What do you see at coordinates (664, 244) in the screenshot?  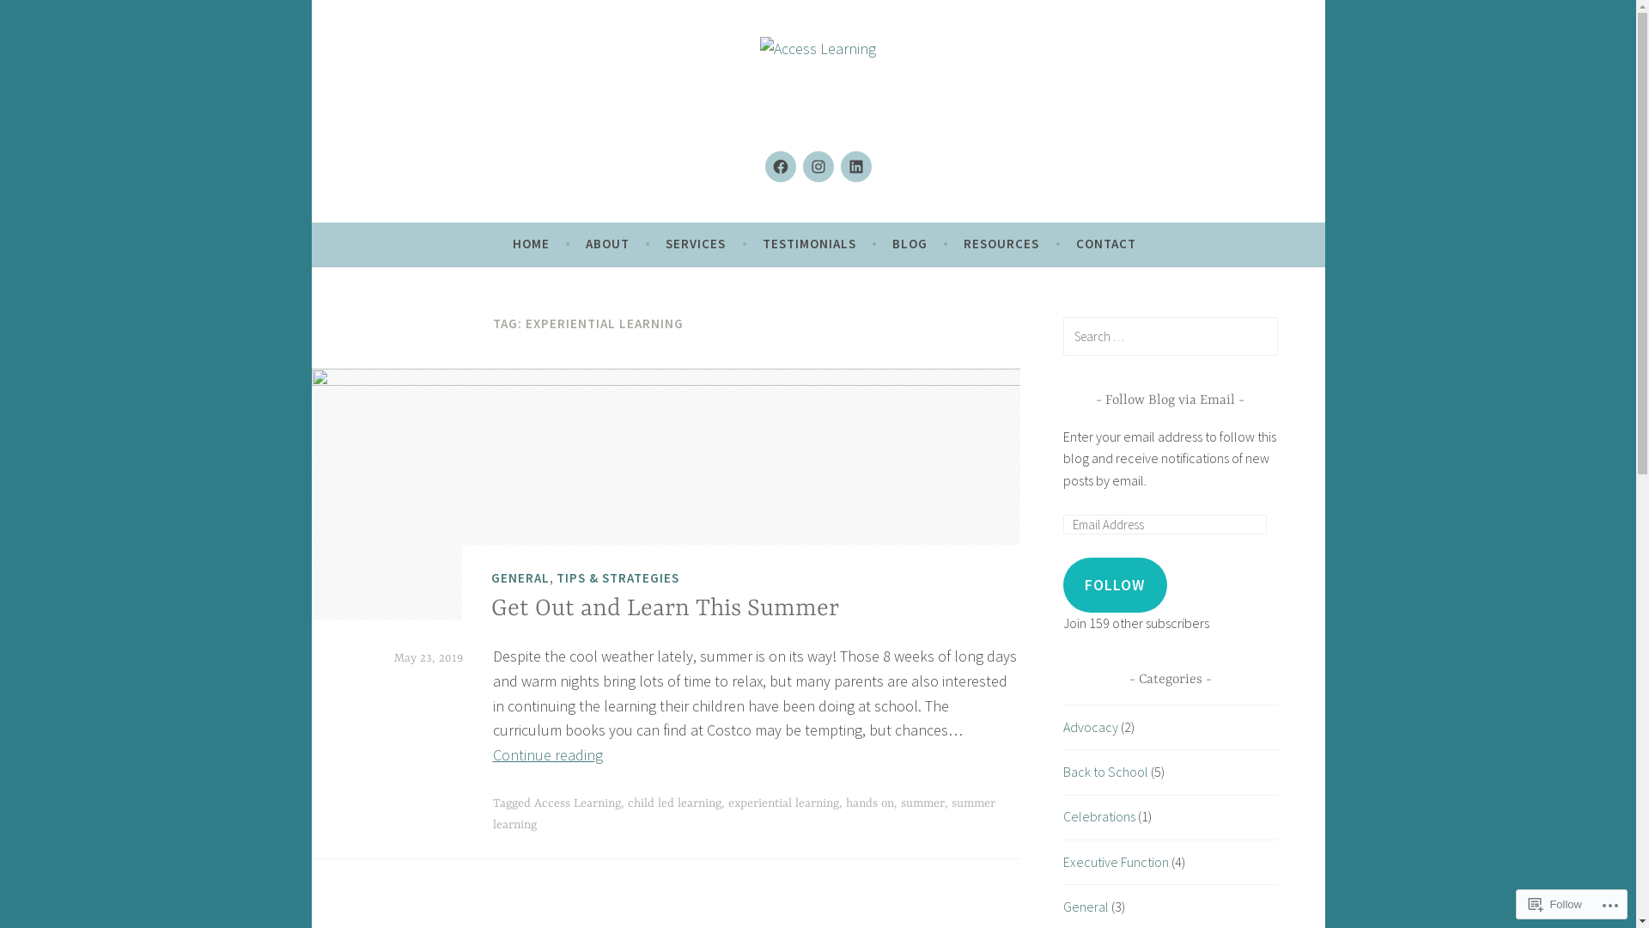 I see `'SERVICES'` at bounding box center [664, 244].